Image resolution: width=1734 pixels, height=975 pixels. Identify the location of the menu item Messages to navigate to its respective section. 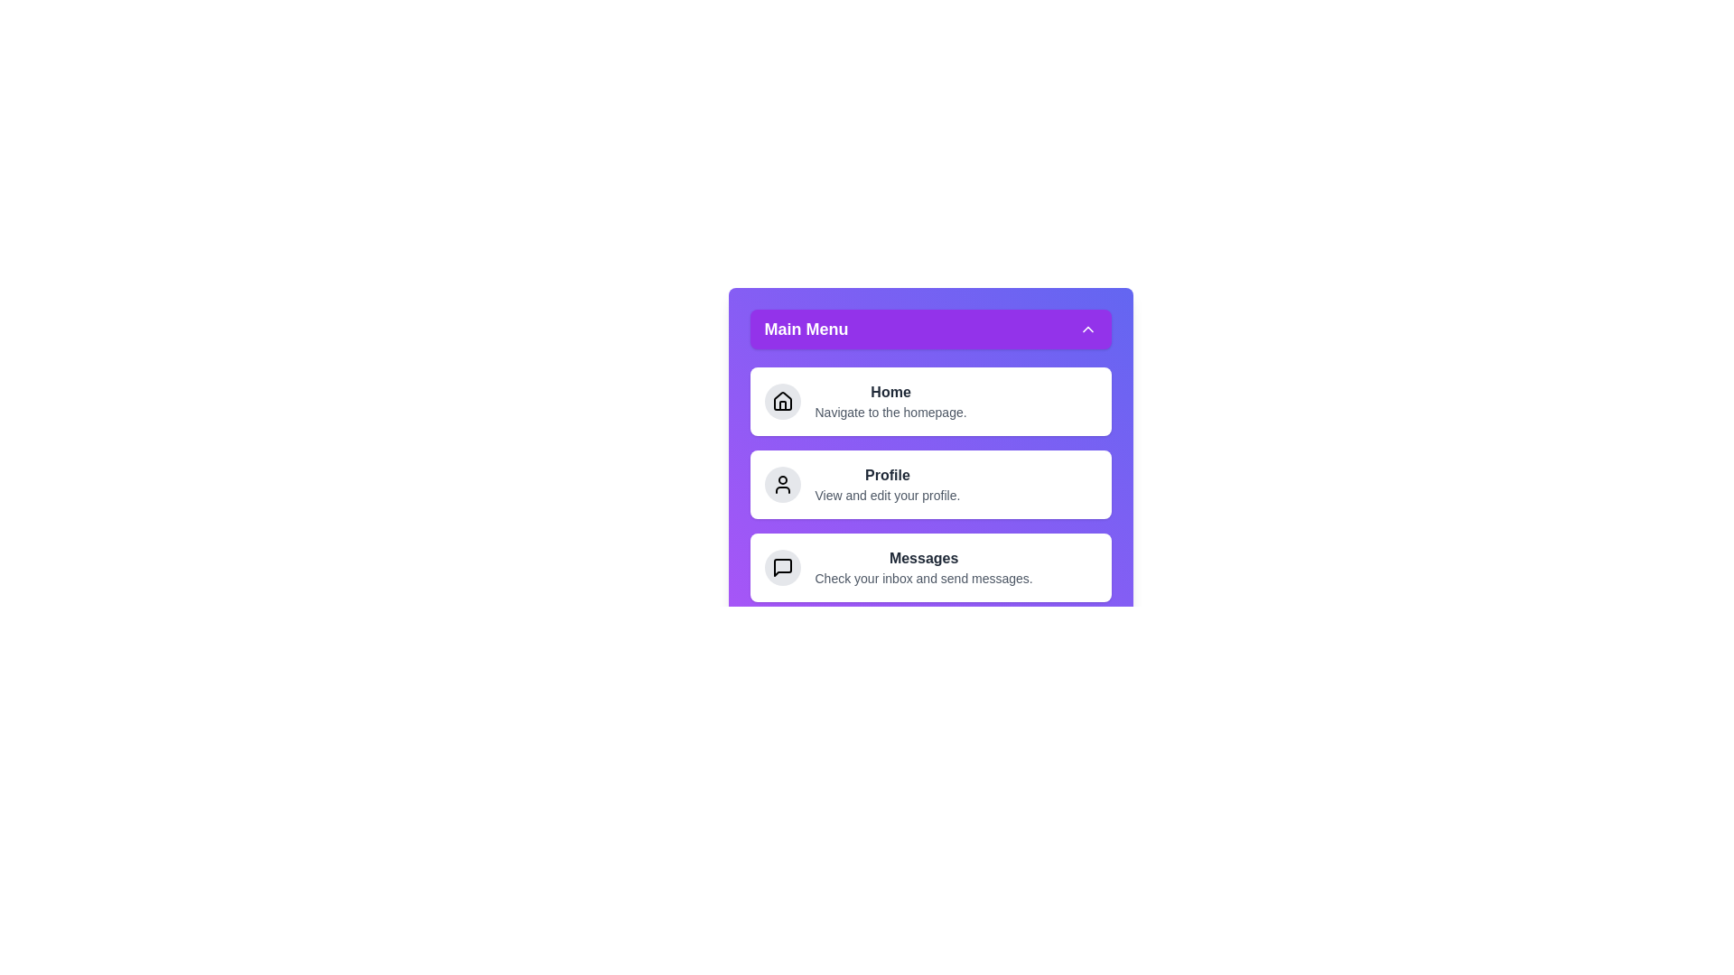
(930, 566).